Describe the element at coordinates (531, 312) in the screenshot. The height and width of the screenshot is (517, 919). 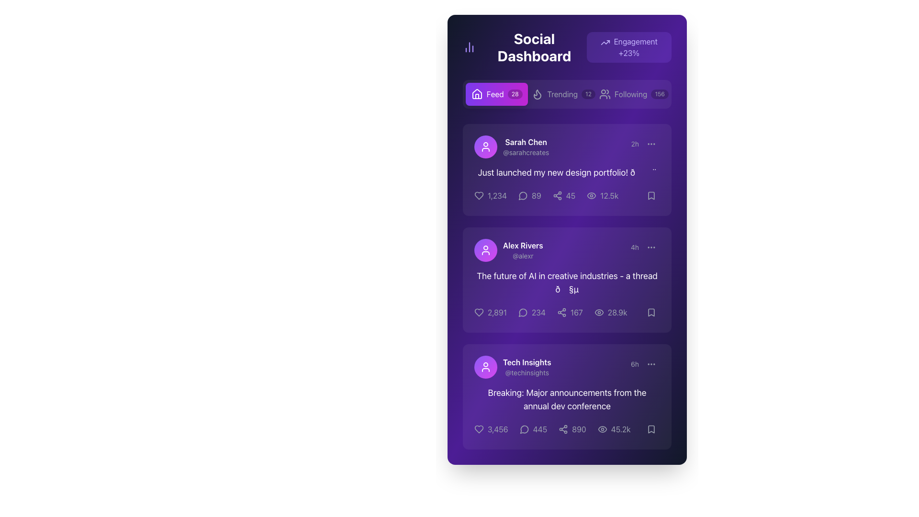
I see `the gray speech bubble icon followed by the text '234' in the second post of the feed` at that location.